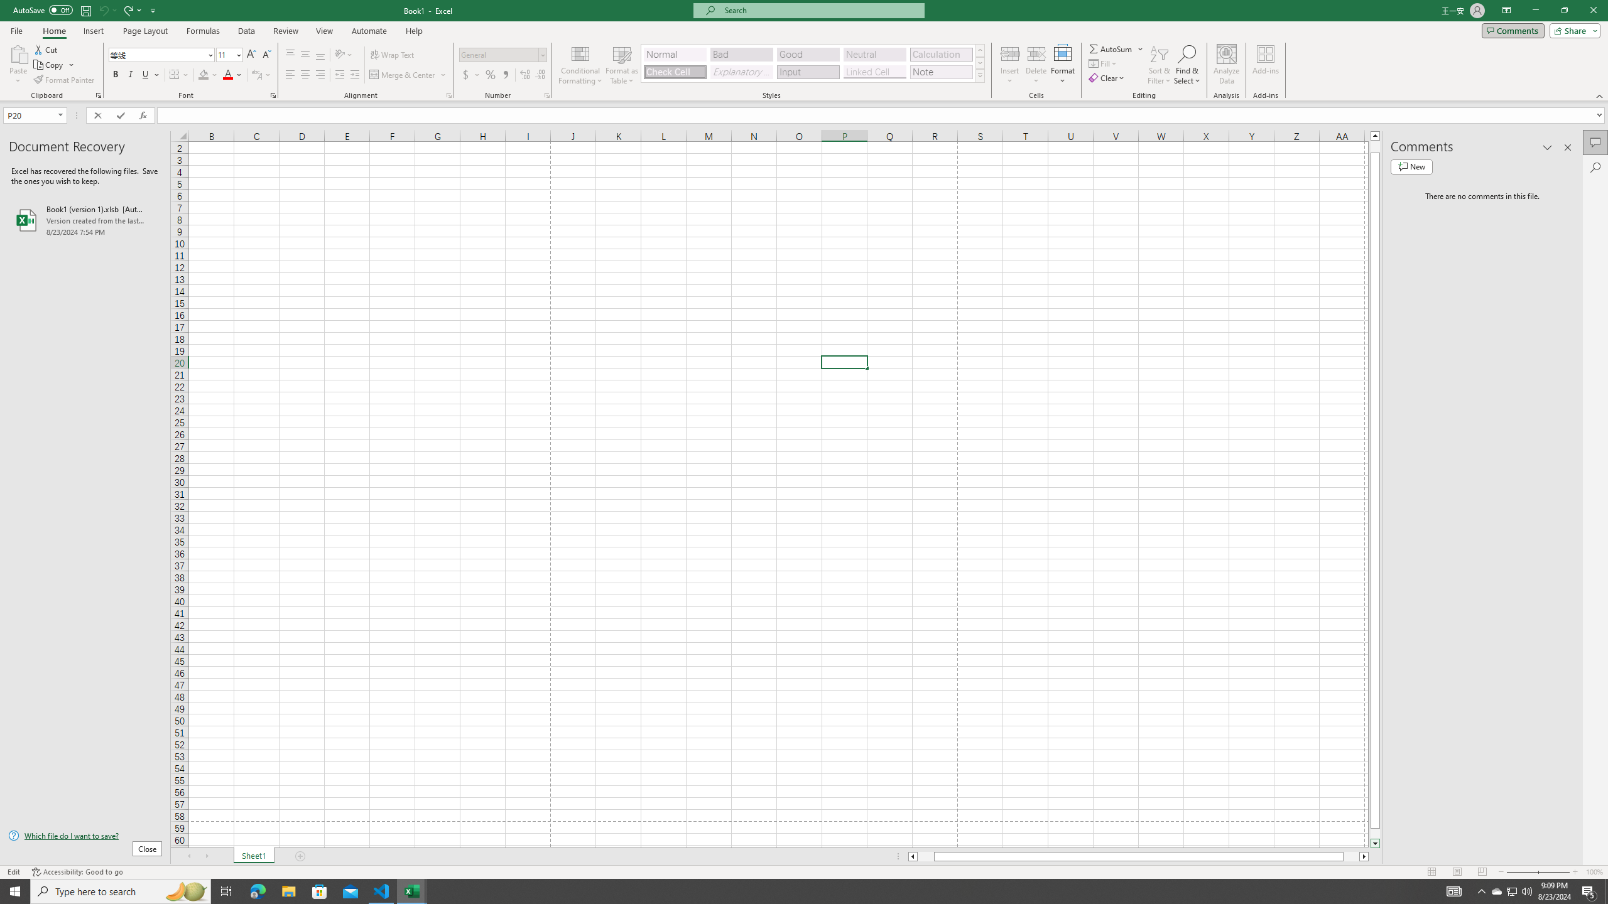 The image size is (1608, 904). Describe the element at coordinates (392, 55) in the screenshot. I see `'Wrap Text'` at that location.